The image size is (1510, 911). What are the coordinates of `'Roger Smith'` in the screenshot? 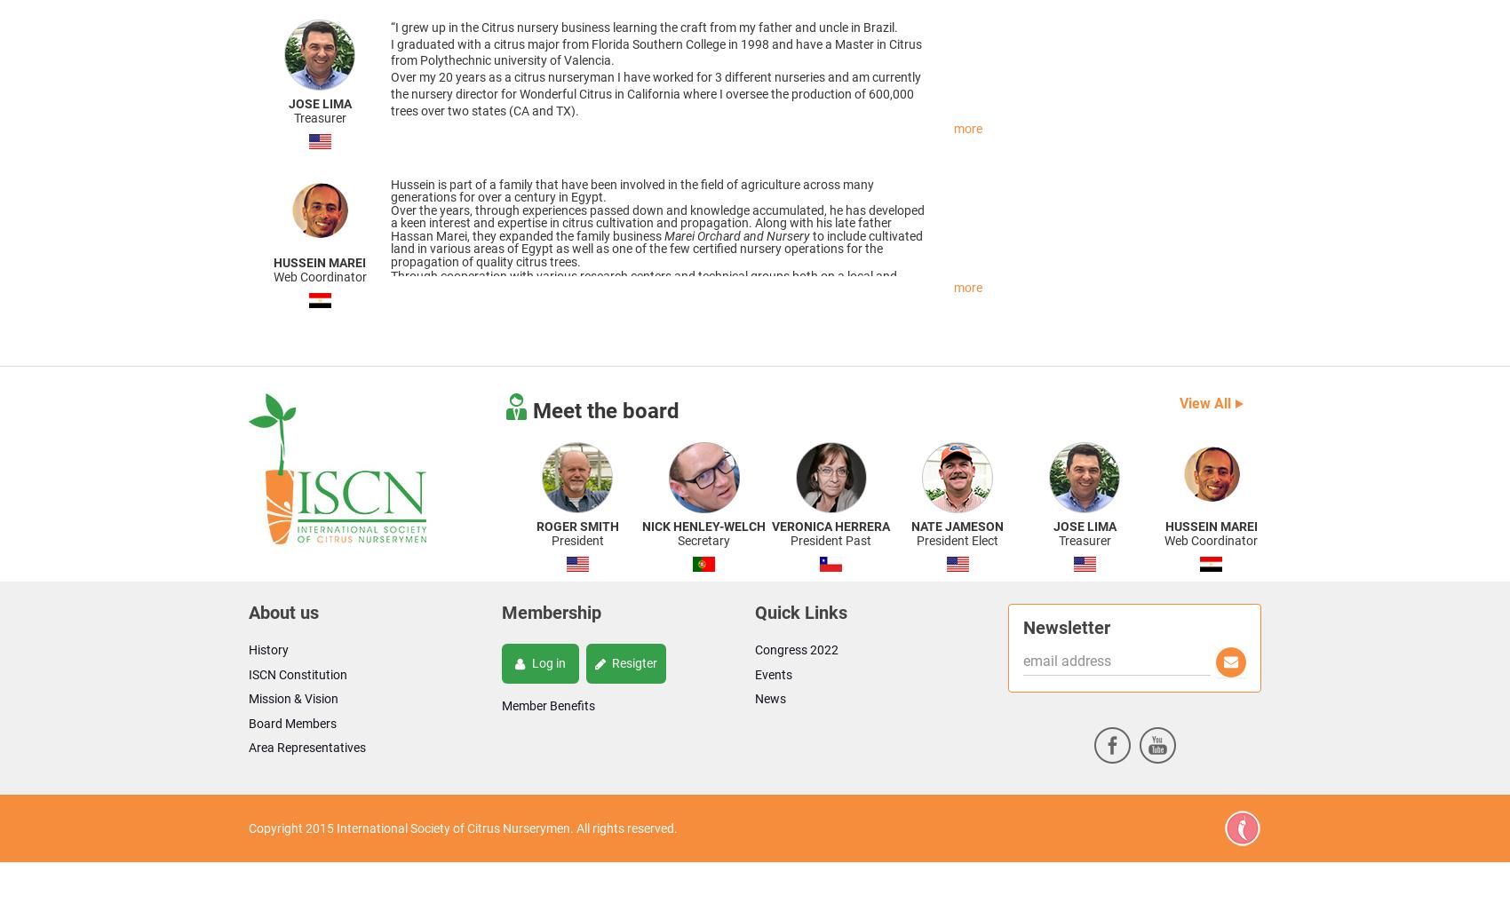 It's located at (576, 526).